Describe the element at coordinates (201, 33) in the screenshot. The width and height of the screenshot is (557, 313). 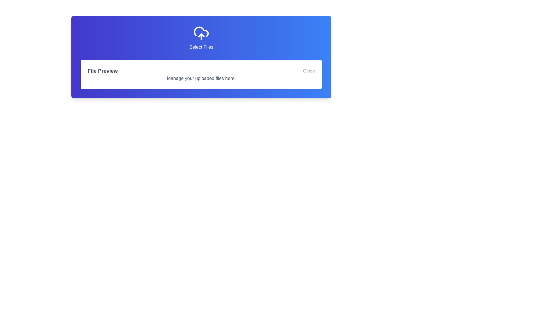
I see `the cloud upload icon, which is a minimalist design with a blue background and an upwards arrow, positioned above the 'Select Files' label` at that location.